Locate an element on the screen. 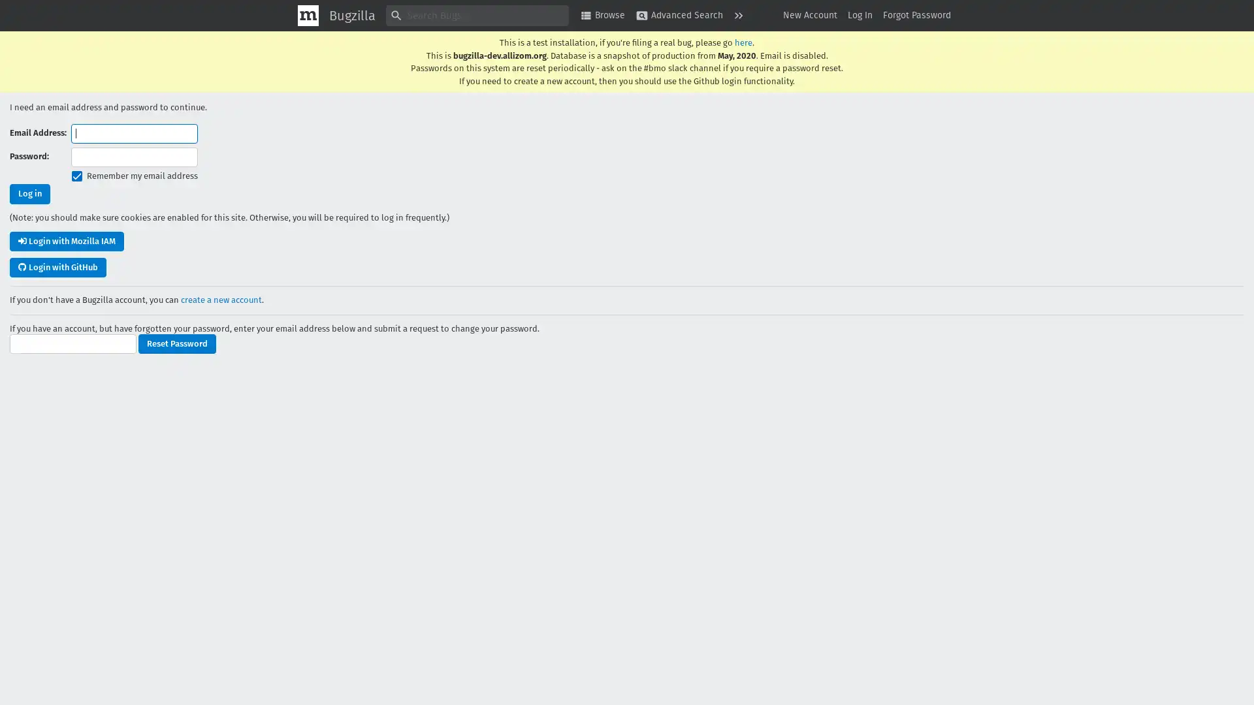  Reset Password is located at coordinates (176, 343).